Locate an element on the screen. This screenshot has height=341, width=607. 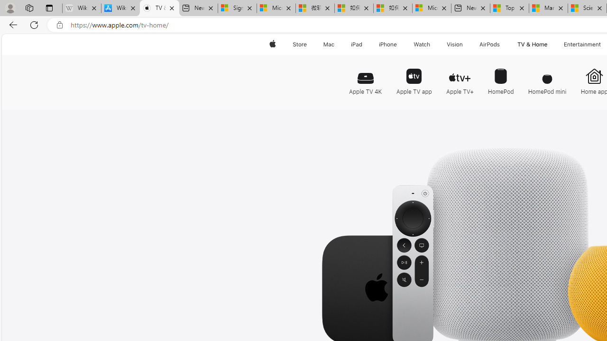
'Apple TV+' is located at coordinates (460, 77).